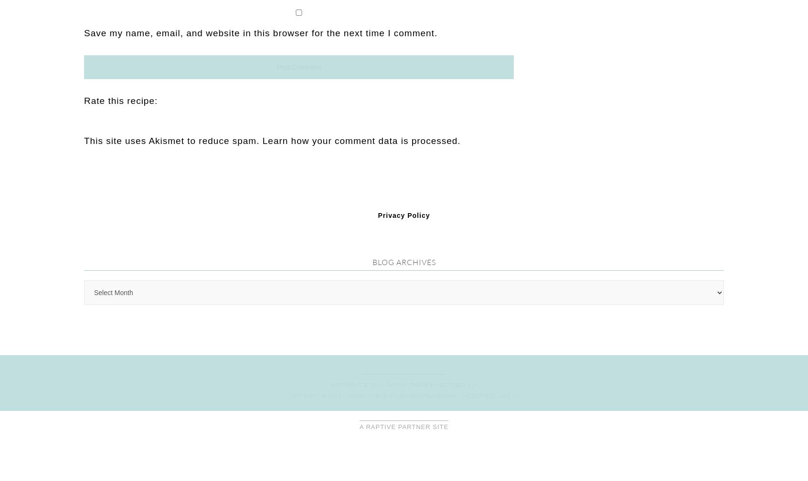  I want to click on 'Copyright © 2023 ·', so click(358, 171).